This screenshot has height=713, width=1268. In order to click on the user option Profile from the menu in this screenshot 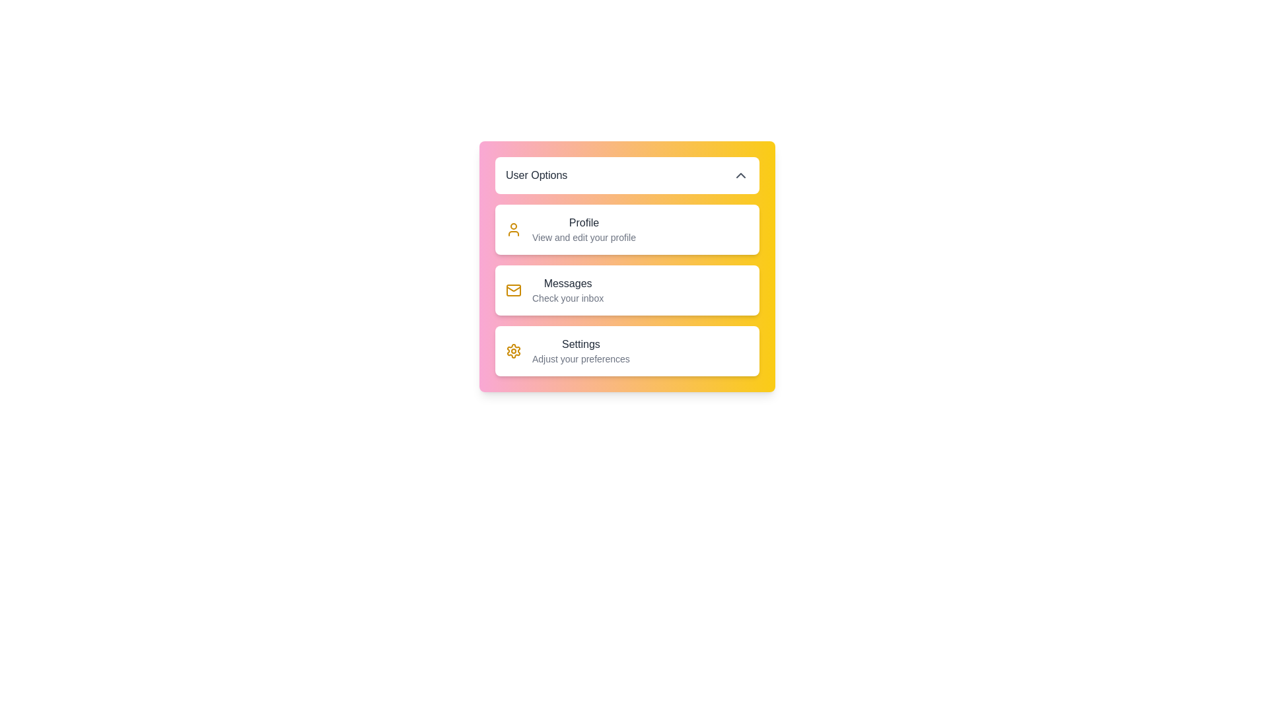, I will do `click(627, 228)`.